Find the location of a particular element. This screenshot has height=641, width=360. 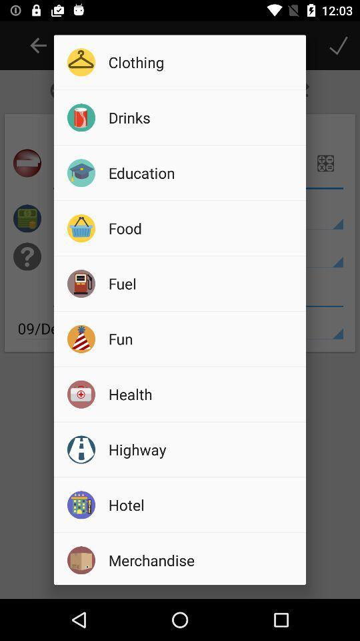

icon below fun icon is located at coordinates (202, 394).